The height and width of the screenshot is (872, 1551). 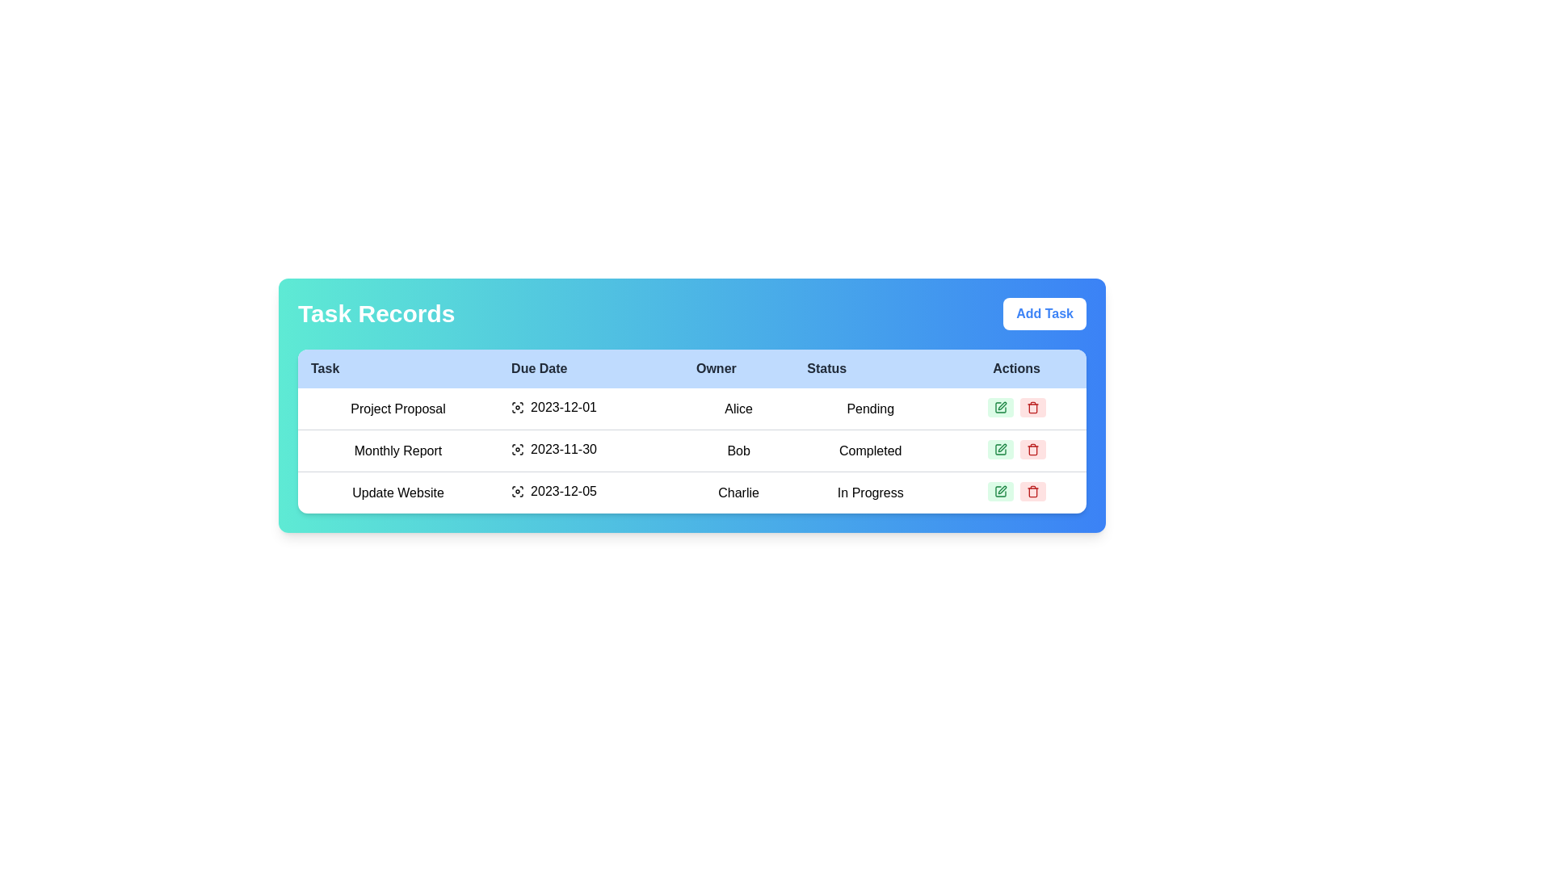 What do you see at coordinates (869, 408) in the screenshot?
I see `the 'Pending' status text label for the task 'Project Proposal' in the 'Status' column of the 'Task Records' section` at bounding box center [869, 408].